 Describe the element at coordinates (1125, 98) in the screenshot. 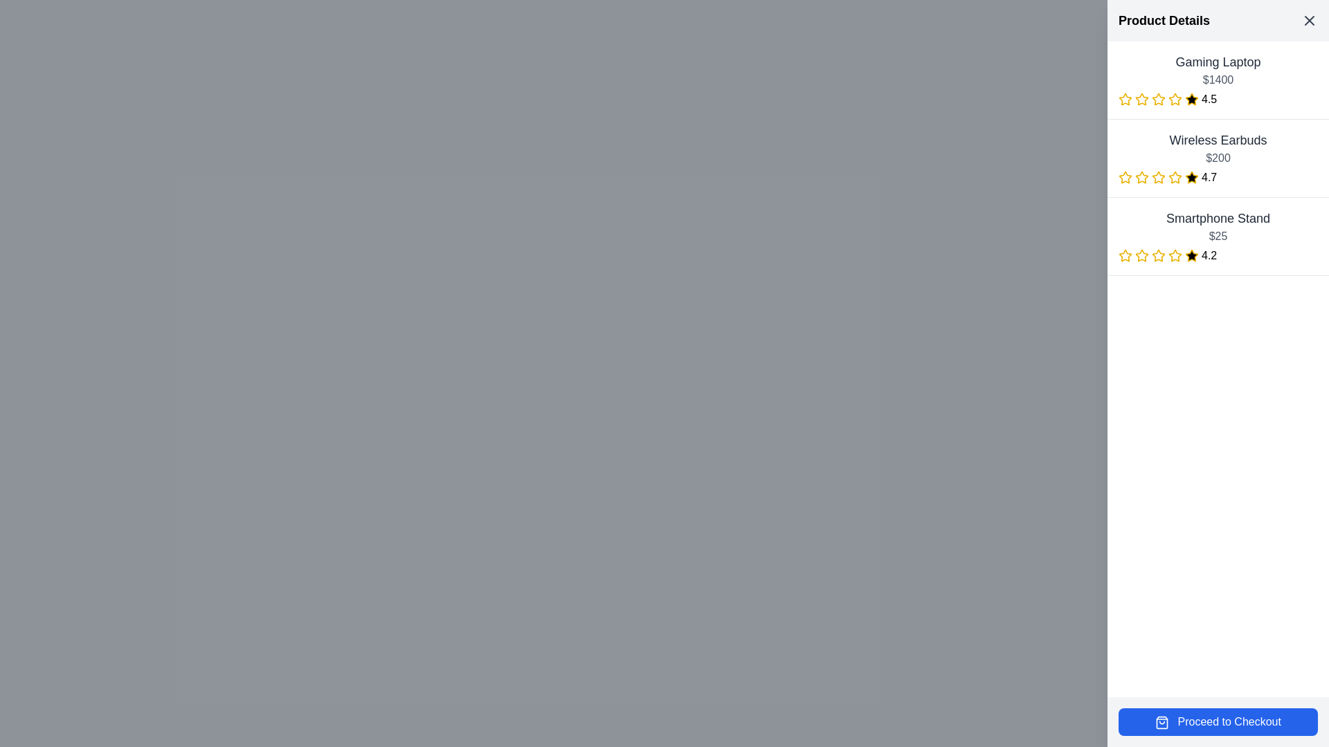

I see `the first star icon in the 4.5 star rating system for the 'Gaming Laptop' product, located directly under the 'Gaming Laptop' label in the 'Product Details' section` at that location.